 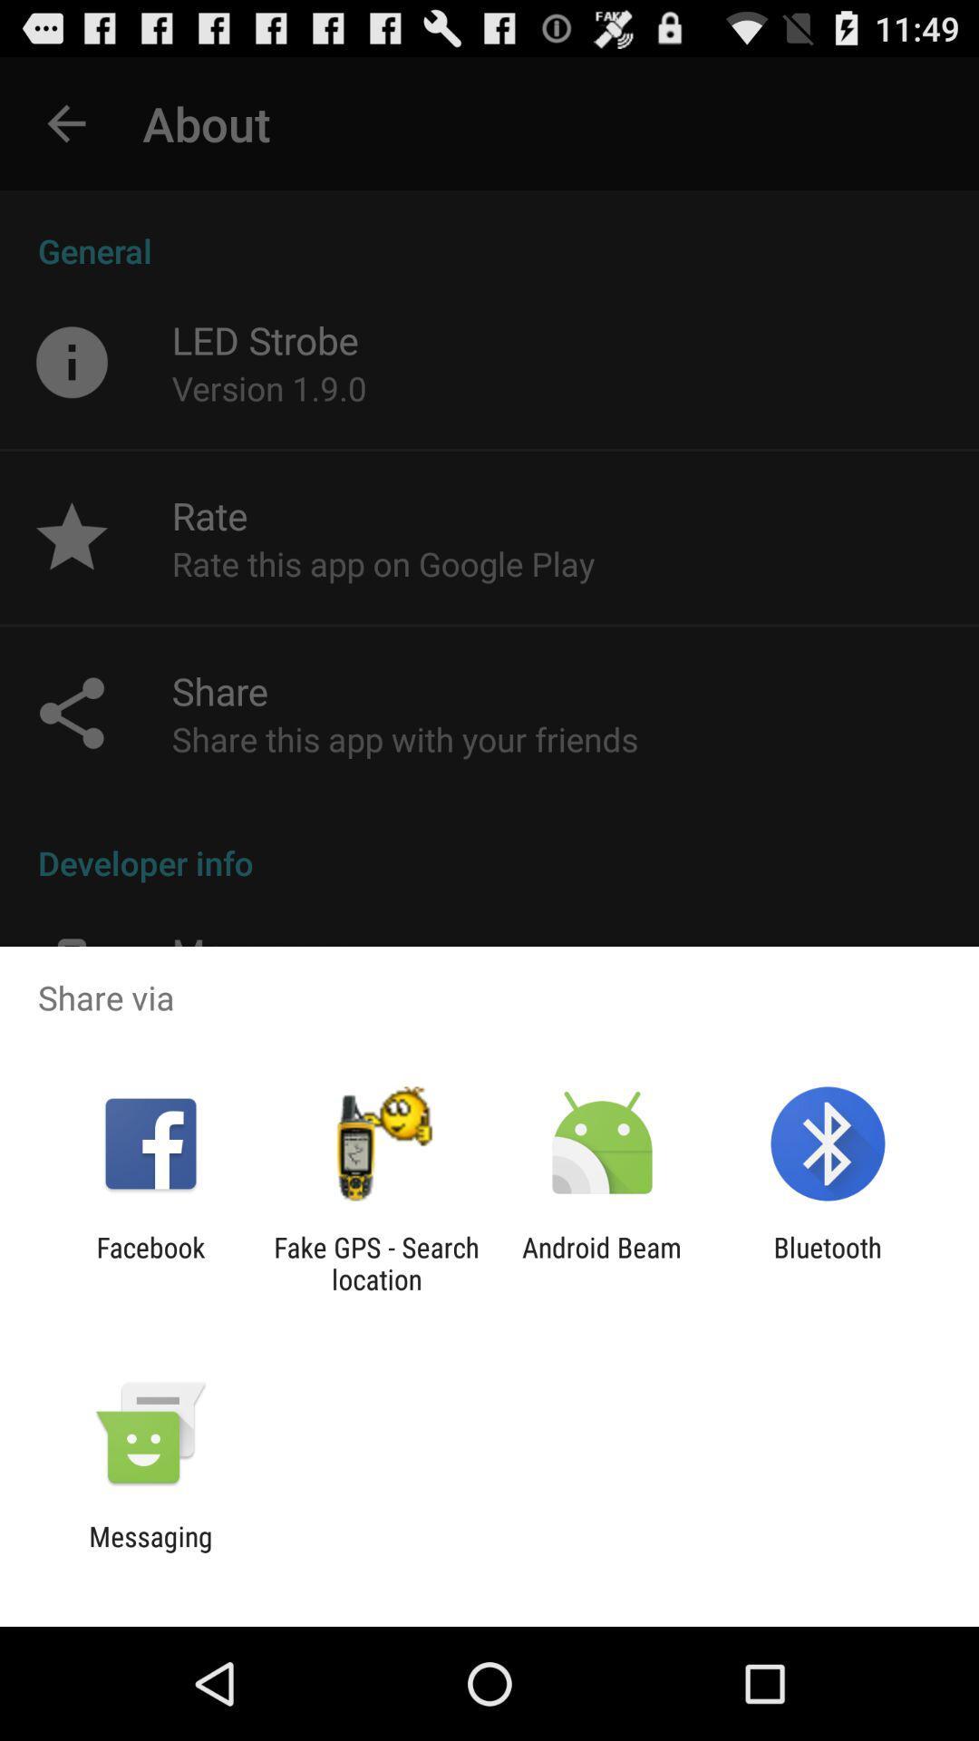 What do you see at coordinates (602, 1262) in the screenshot?
I see `icon to the right of the fake gps search icon` at bounding box center [602, 1262].